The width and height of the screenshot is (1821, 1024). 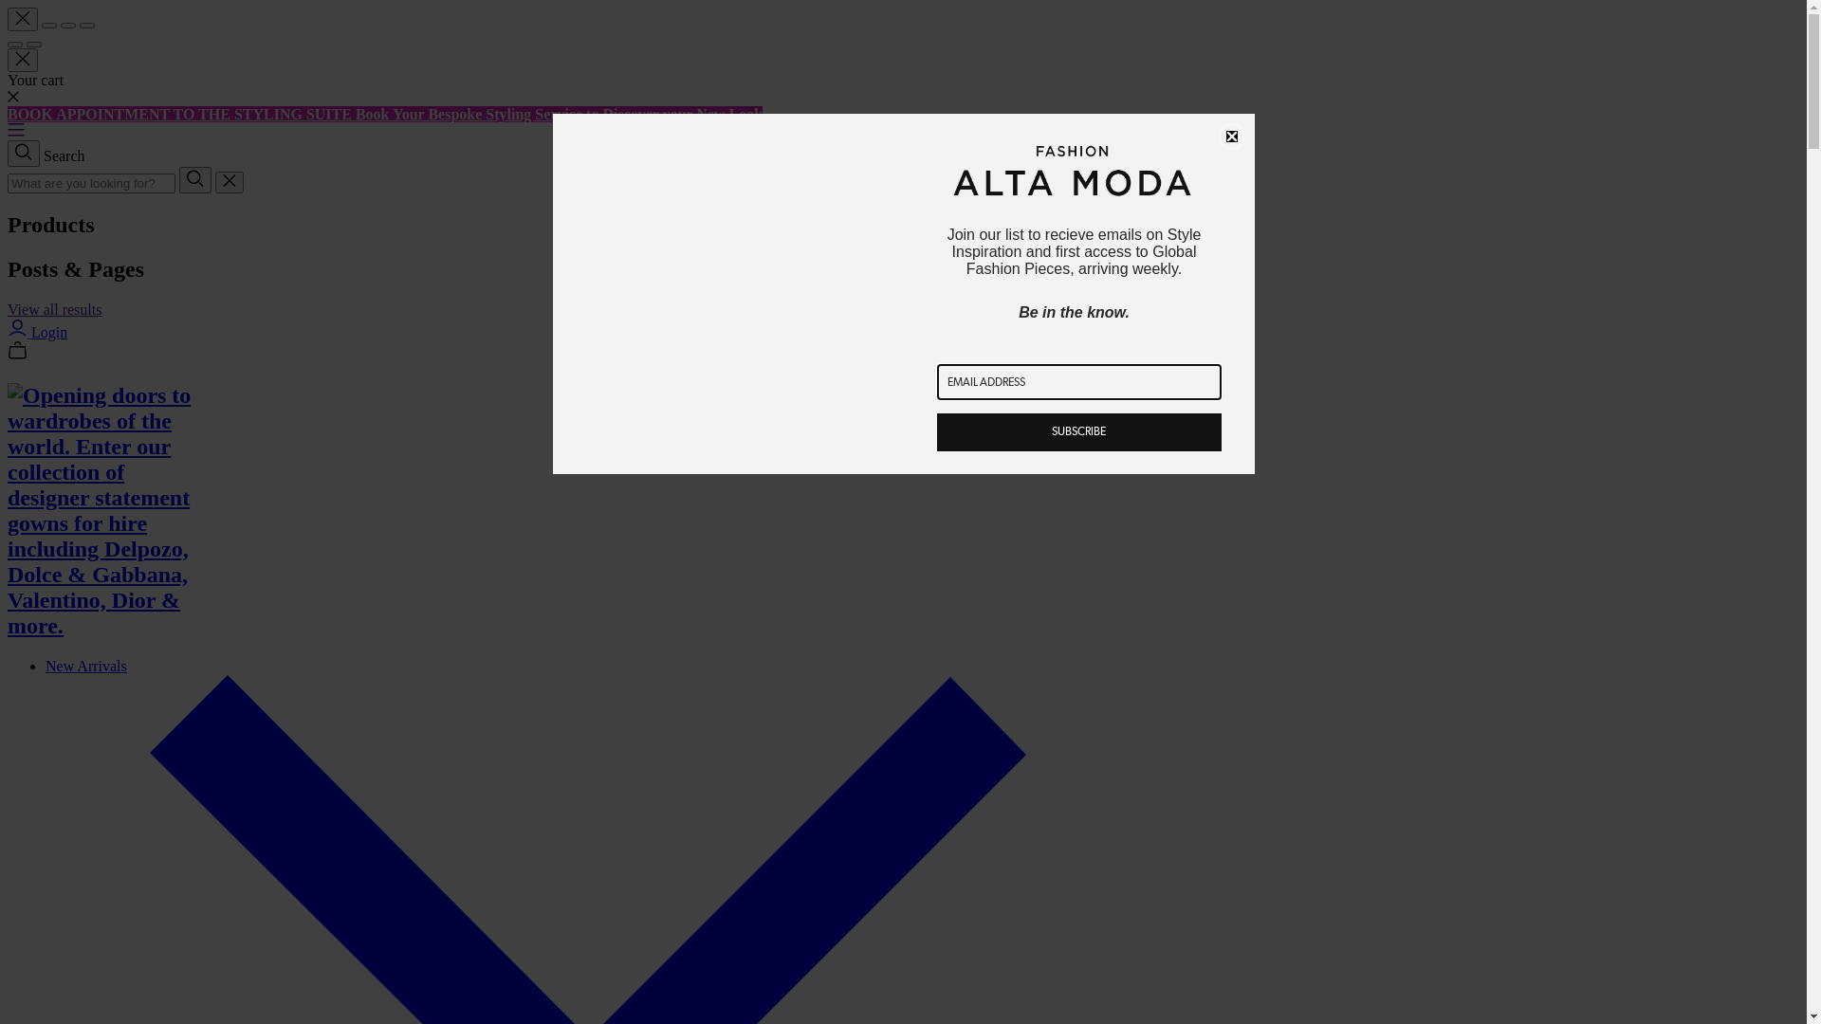 I want to click on 'Previous (arrow left)', so click(x=14, y=43).